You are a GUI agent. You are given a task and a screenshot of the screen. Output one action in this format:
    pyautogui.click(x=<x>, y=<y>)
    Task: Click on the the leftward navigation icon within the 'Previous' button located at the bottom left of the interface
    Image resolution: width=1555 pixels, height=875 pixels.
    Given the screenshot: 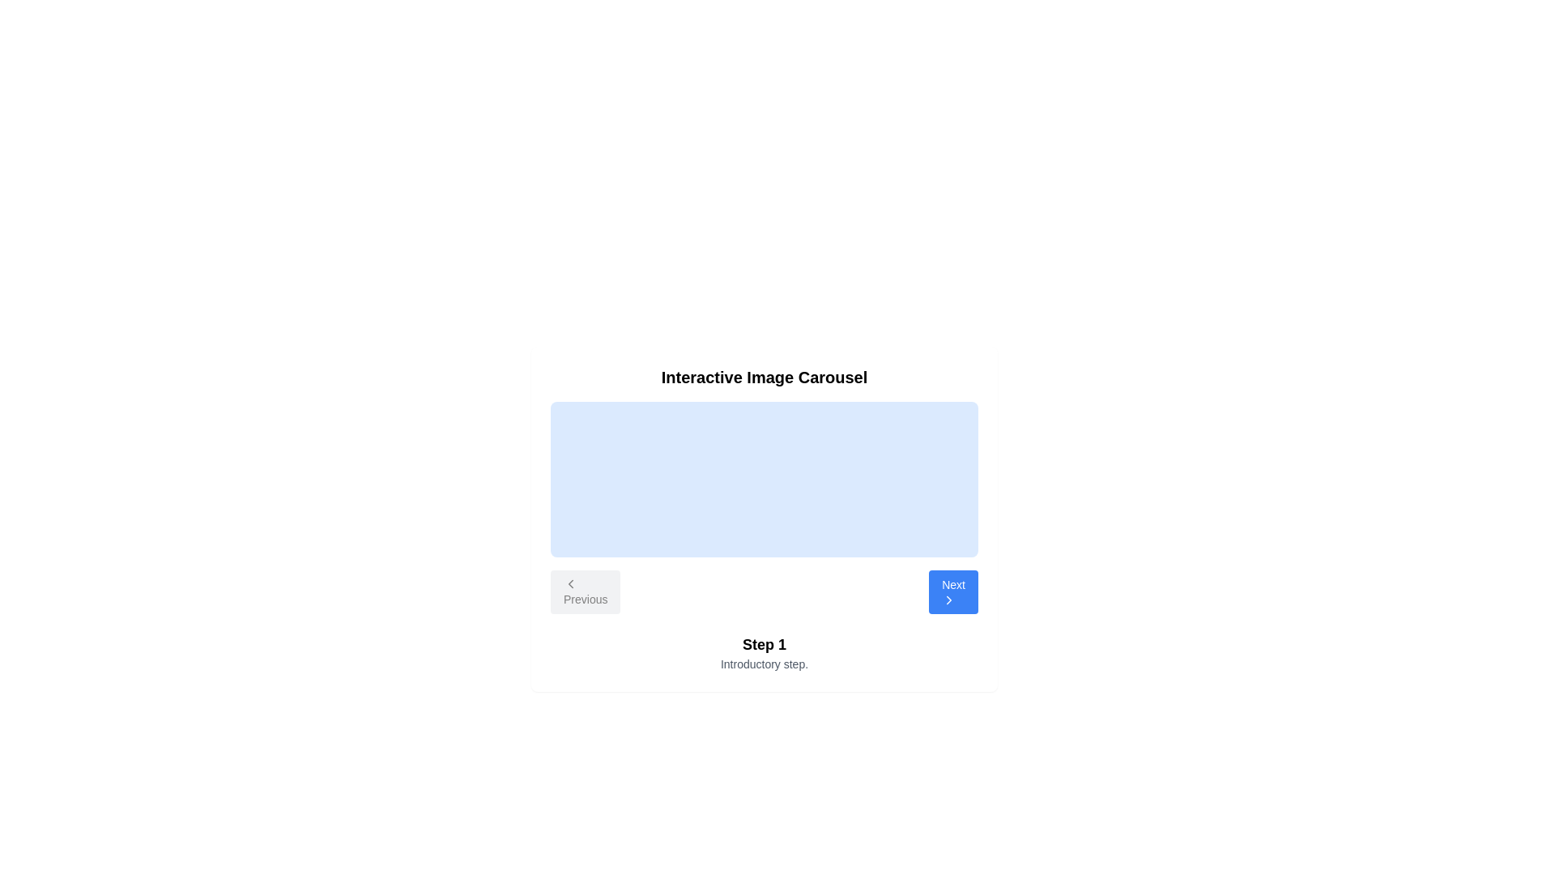 What is the action you would take?
    pyautogui.click(x=571, y=584)
    